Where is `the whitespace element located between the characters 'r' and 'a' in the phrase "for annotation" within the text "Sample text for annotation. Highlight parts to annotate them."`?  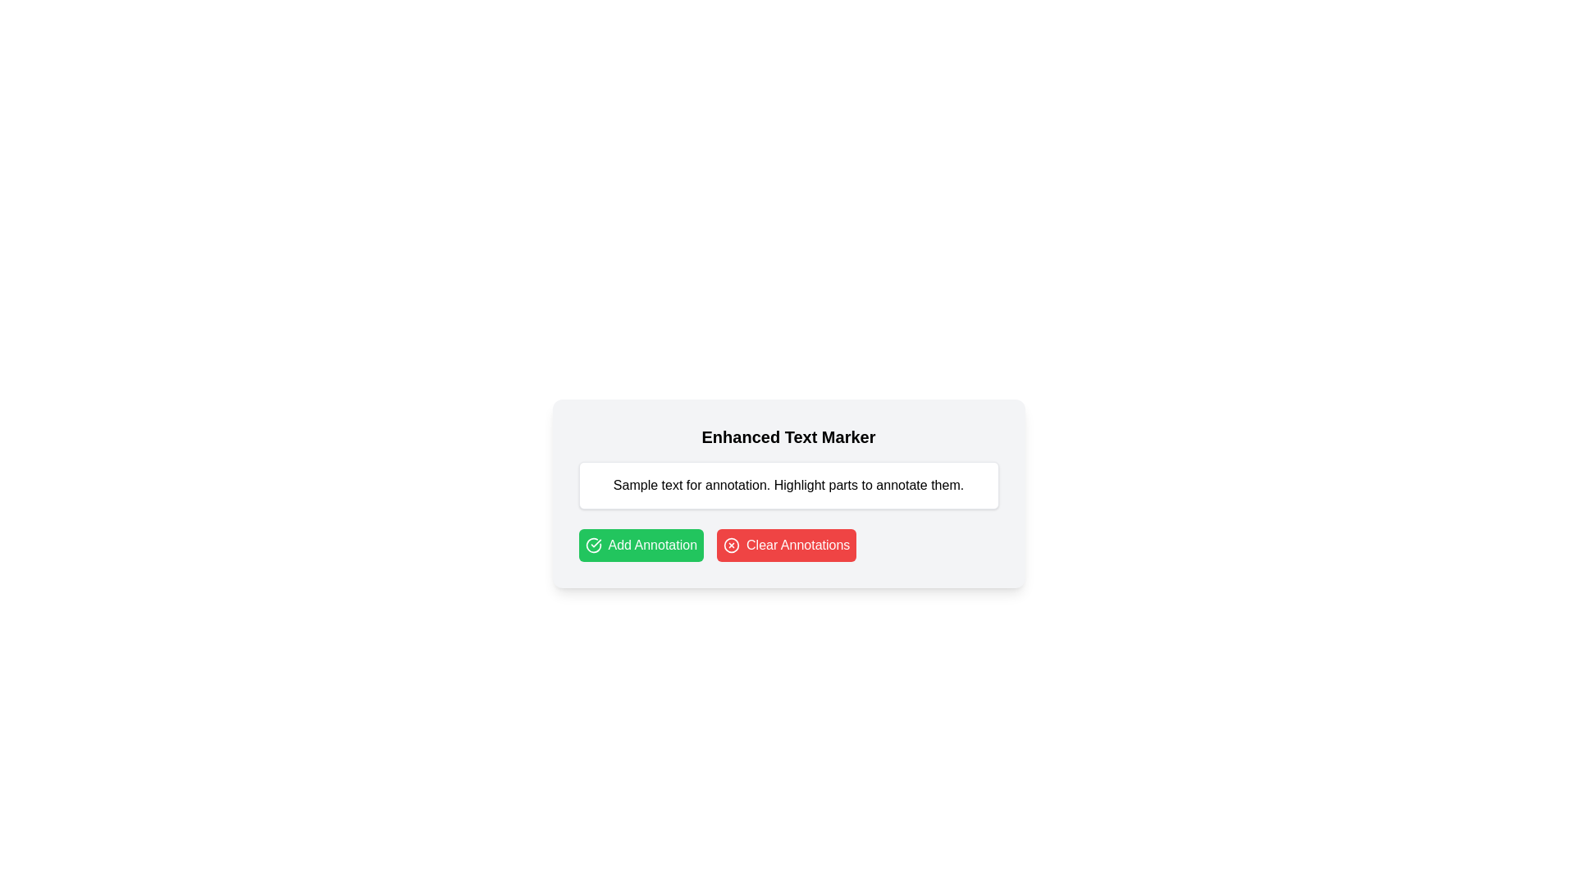 the whitespace element located between the characters 'r' and 'a' in the phrase "for annotation" within the text "Sample text for annotation. Highlight parts to annotate them." is located at coordinates (703, 484).